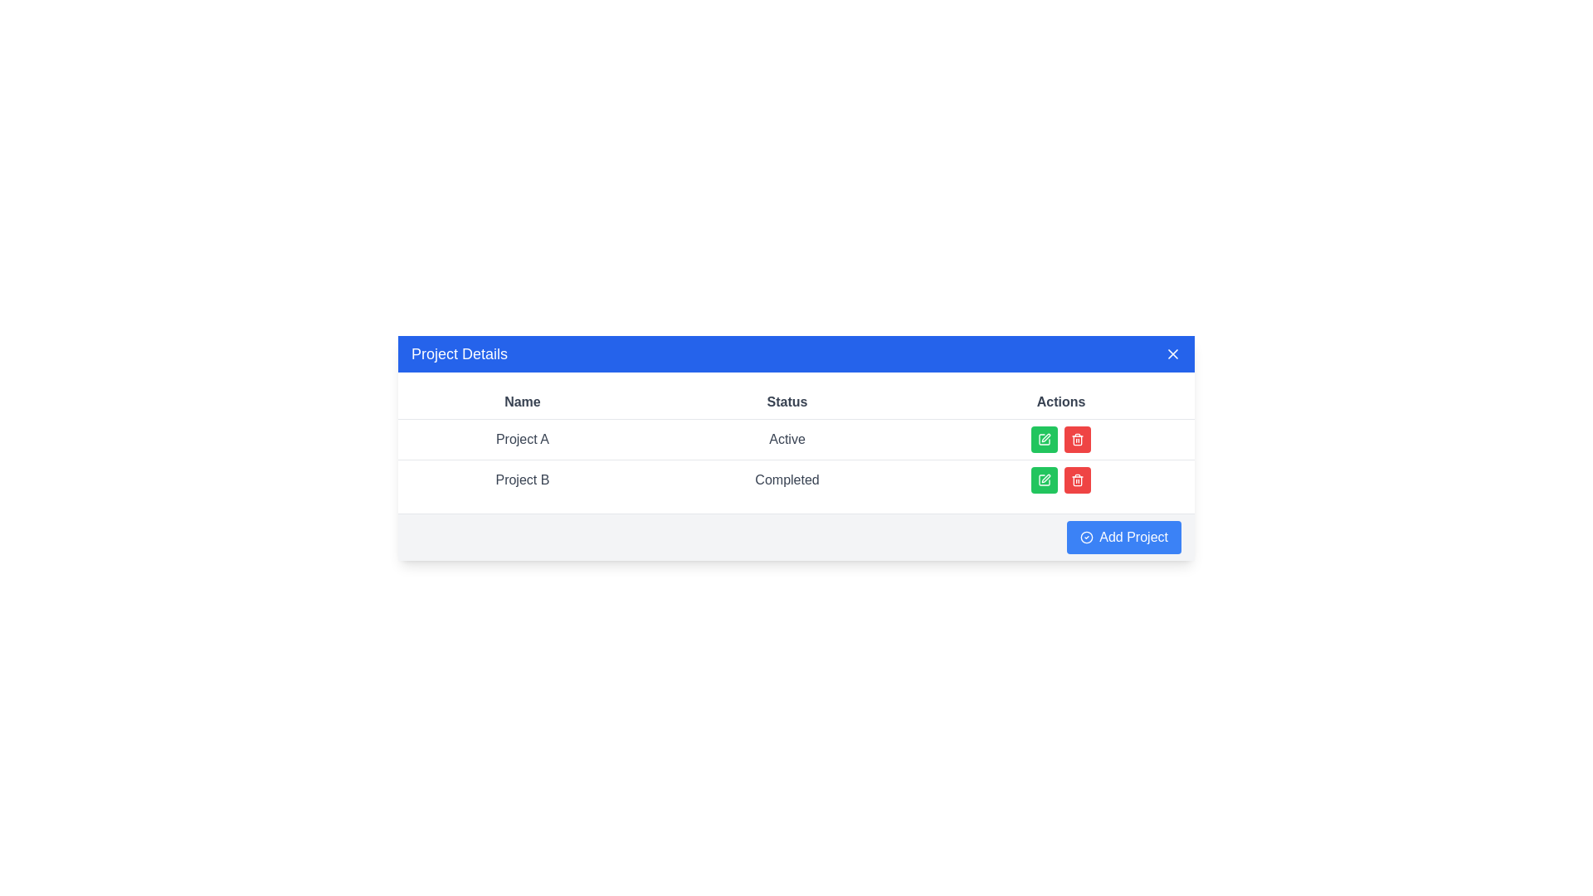  I want to click on the Delete button located in the Actions column of the second row in the table to initiate the delete action for the corresponding data entry, so click(1078, 438).